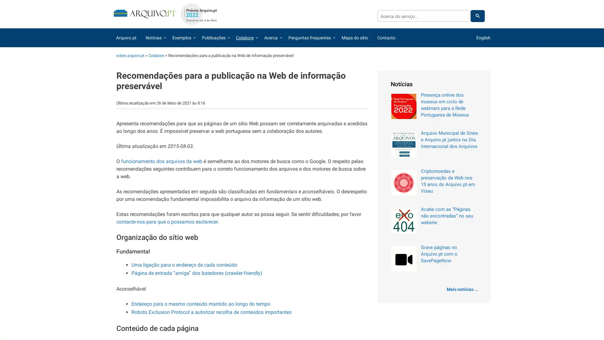 This screenshot has height=340, width=604. I want to click on pesquisar, so click(478, 15).